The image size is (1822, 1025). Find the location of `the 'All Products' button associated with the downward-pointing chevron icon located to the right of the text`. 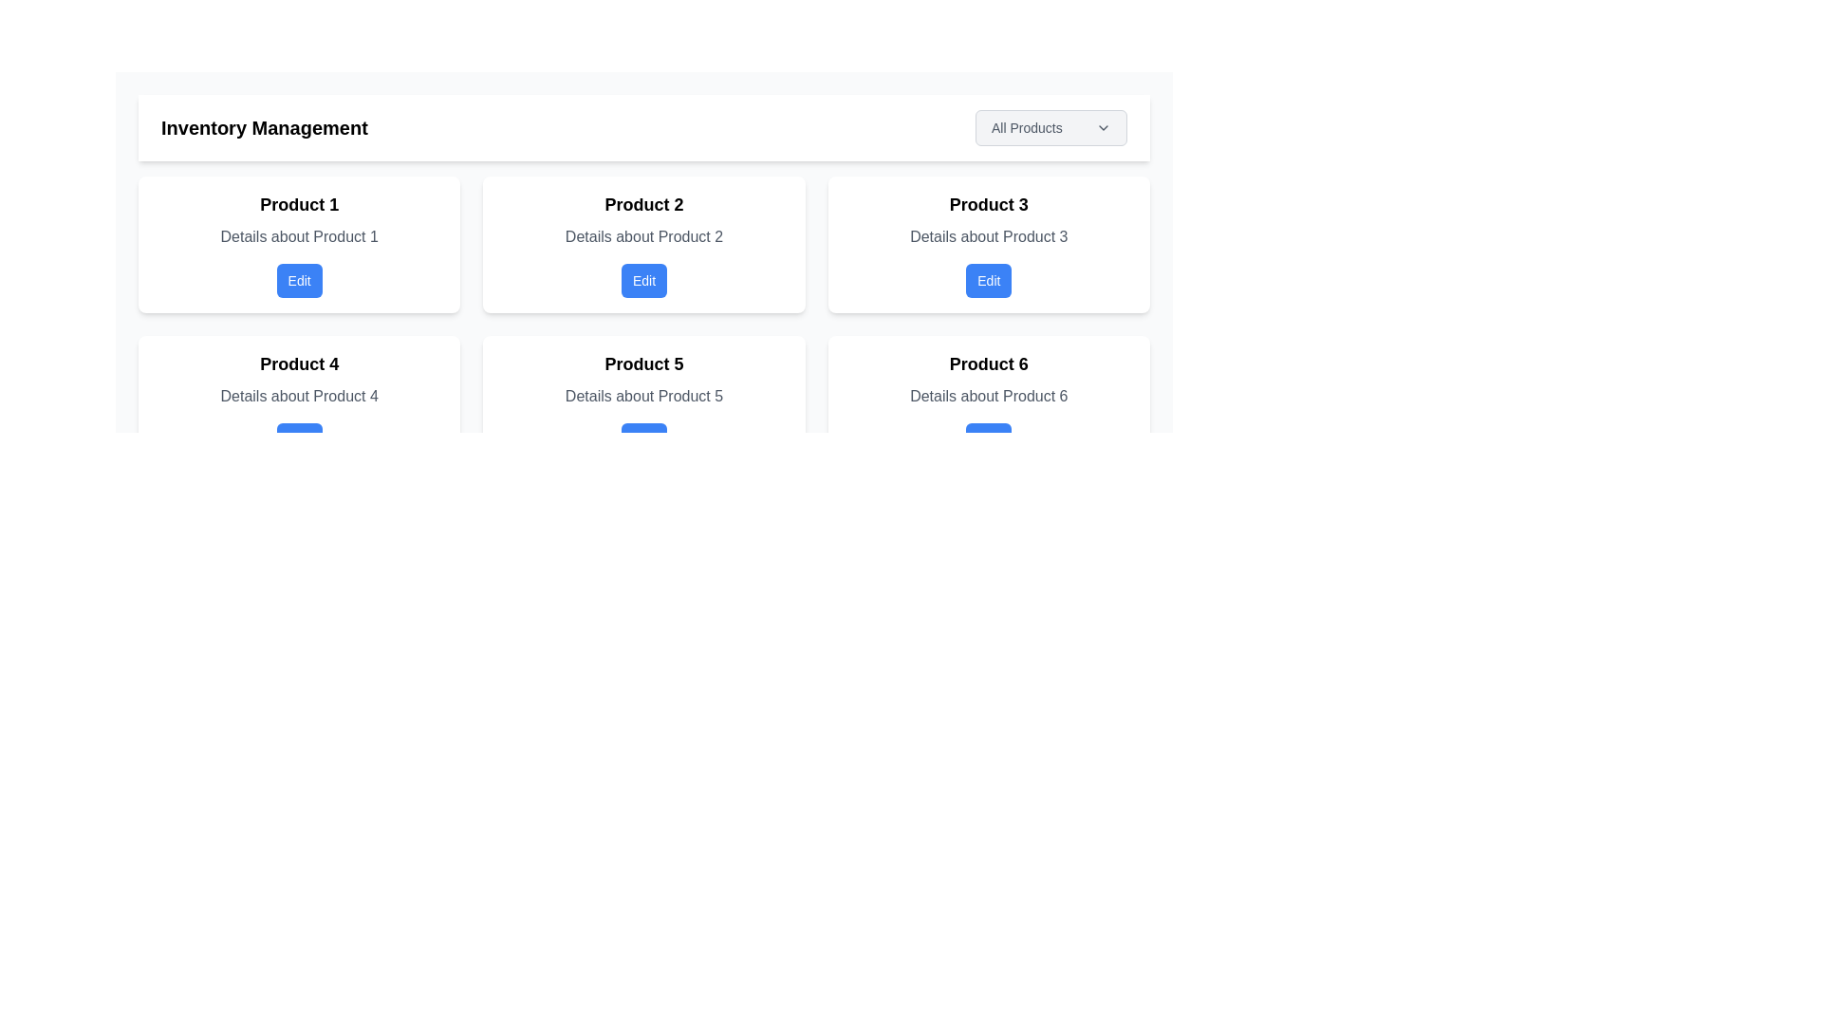

the 'All Products' button associated with the downward-pointing chevron icon located to the right of the text is located at coordinates (1103, 128).